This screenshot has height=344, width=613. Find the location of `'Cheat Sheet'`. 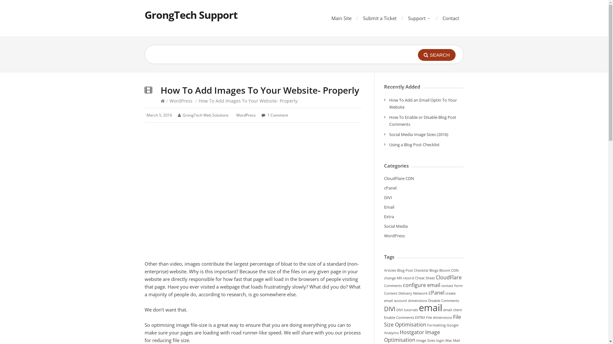

'Cheat Sheet' is located at coordinates (425, 277).